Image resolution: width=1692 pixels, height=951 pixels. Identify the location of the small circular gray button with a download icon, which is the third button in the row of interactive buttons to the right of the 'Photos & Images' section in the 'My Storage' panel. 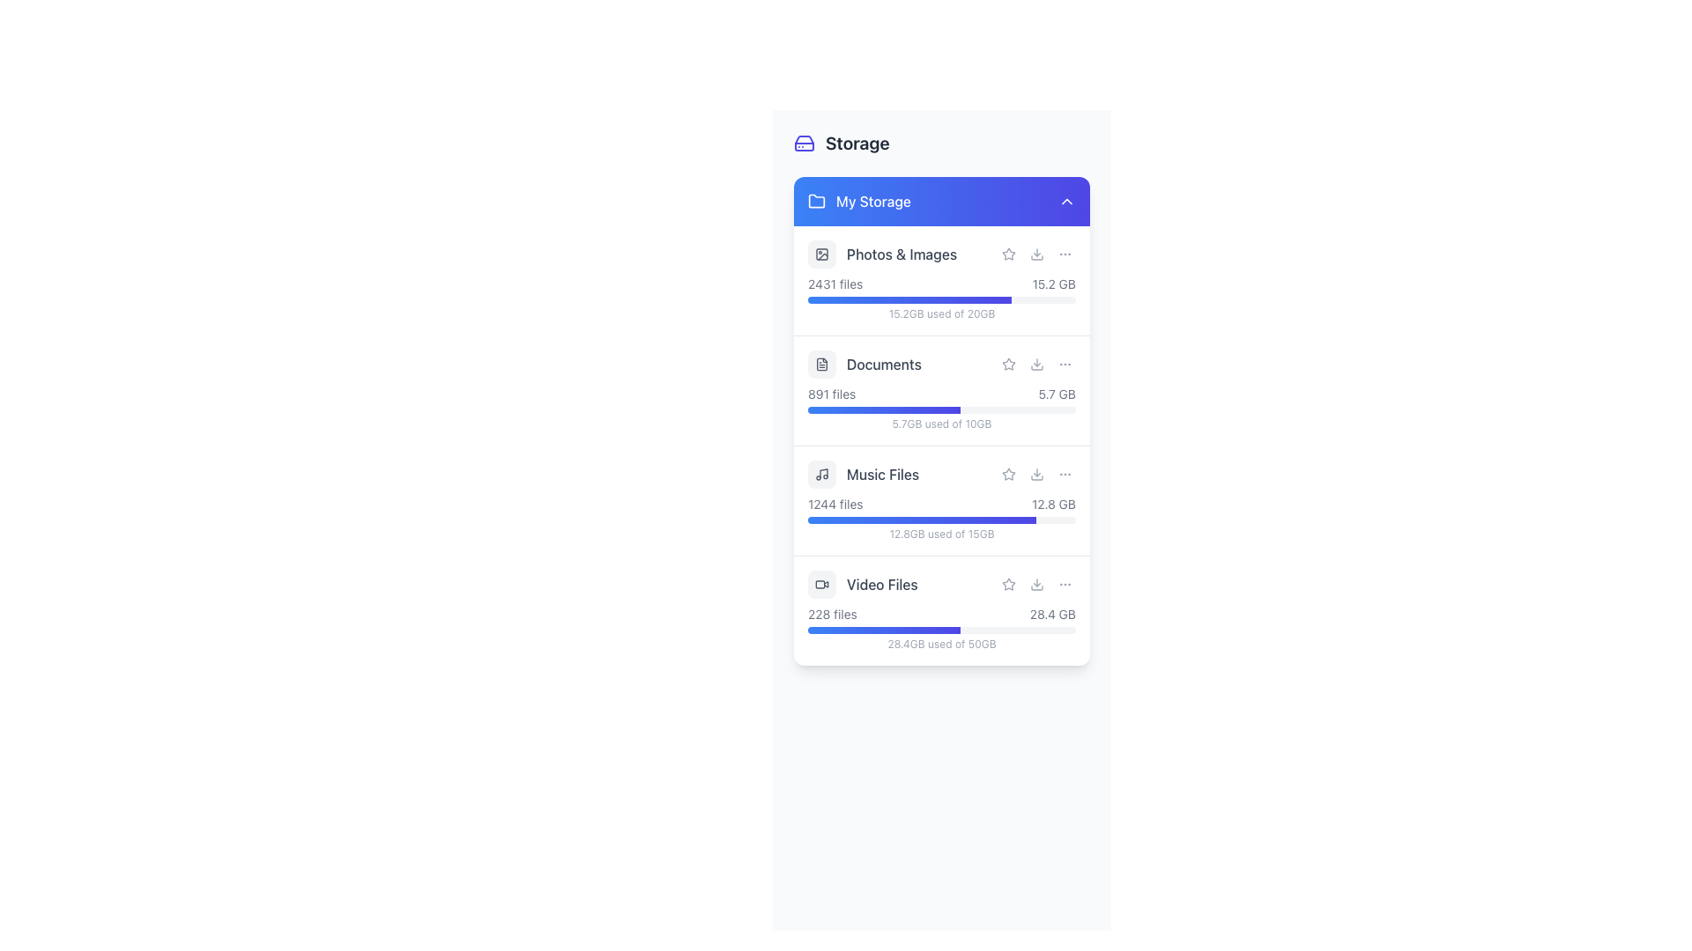
(1036, 254).